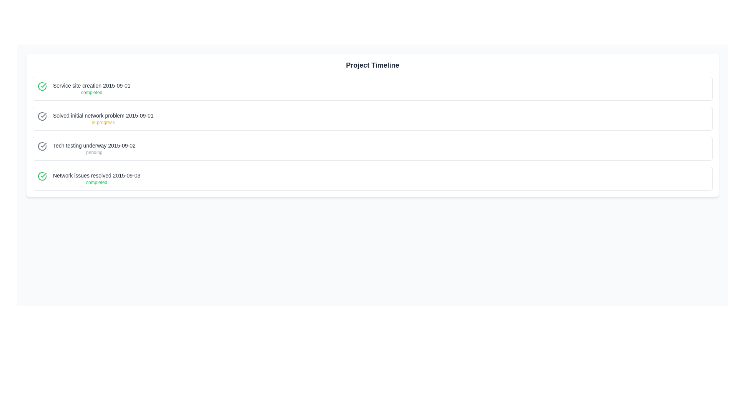  Describe the element at coordinates (94, 145) in the screenshot. I see `the Text Label displaying 'Tech testing underway 2015-09-02' in the Project Timeline list` at that location.